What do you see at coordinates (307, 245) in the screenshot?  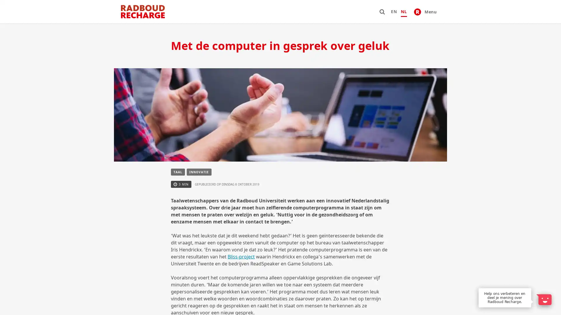 I see `Selectie wissen` at bounding box center [307, 245].